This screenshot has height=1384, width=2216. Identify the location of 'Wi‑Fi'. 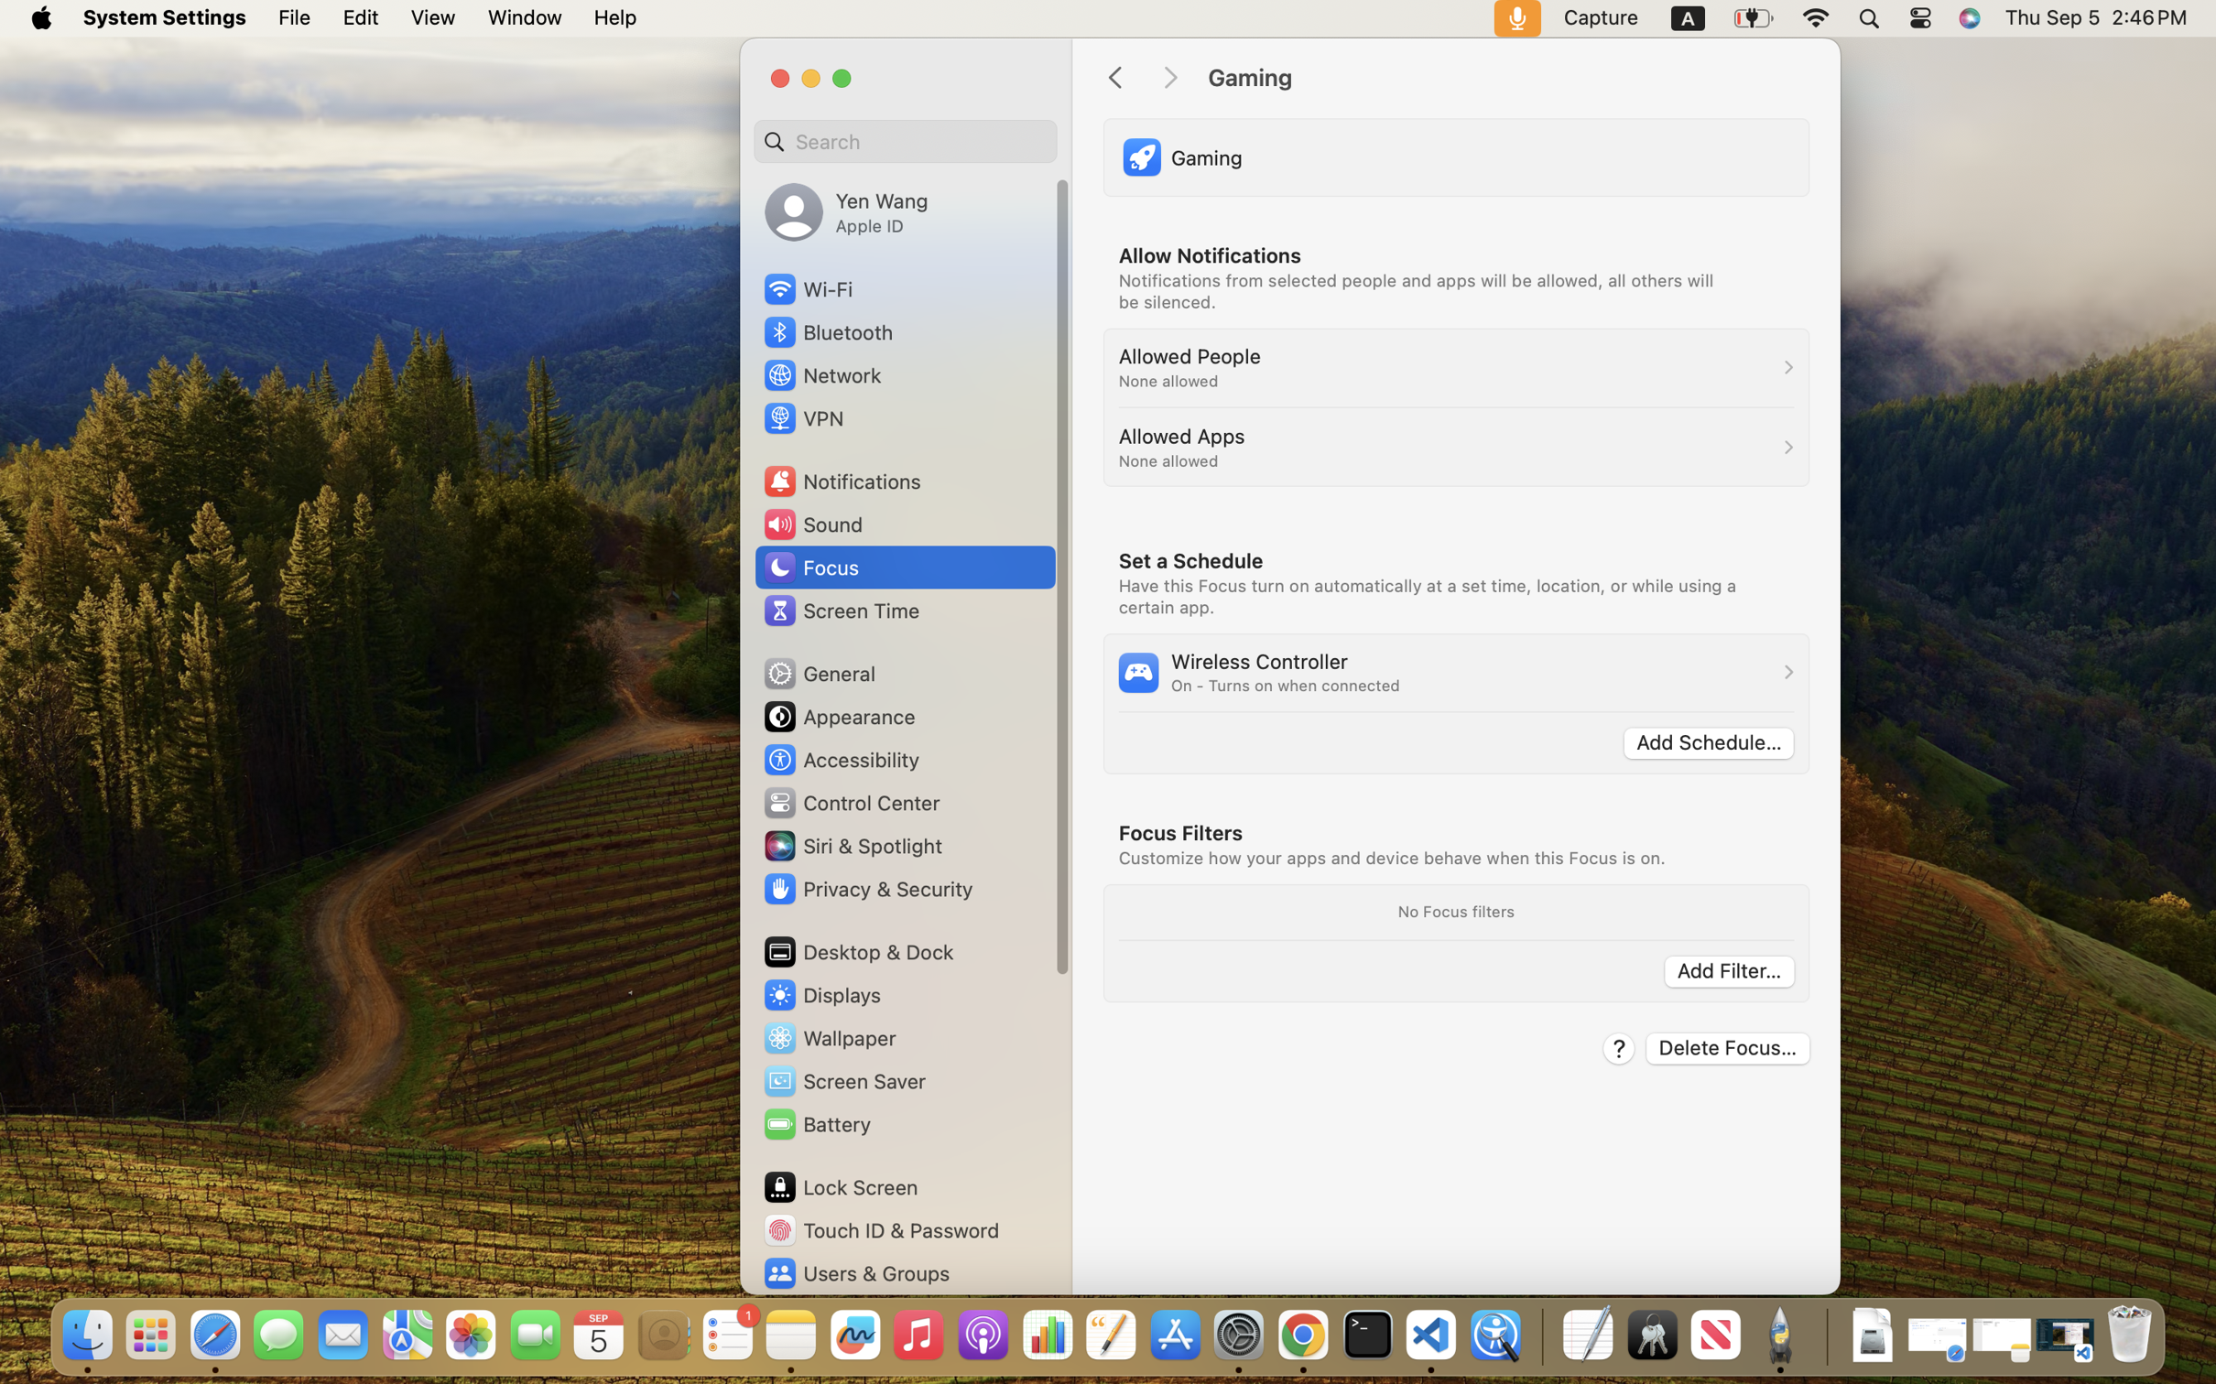
(807, 288).